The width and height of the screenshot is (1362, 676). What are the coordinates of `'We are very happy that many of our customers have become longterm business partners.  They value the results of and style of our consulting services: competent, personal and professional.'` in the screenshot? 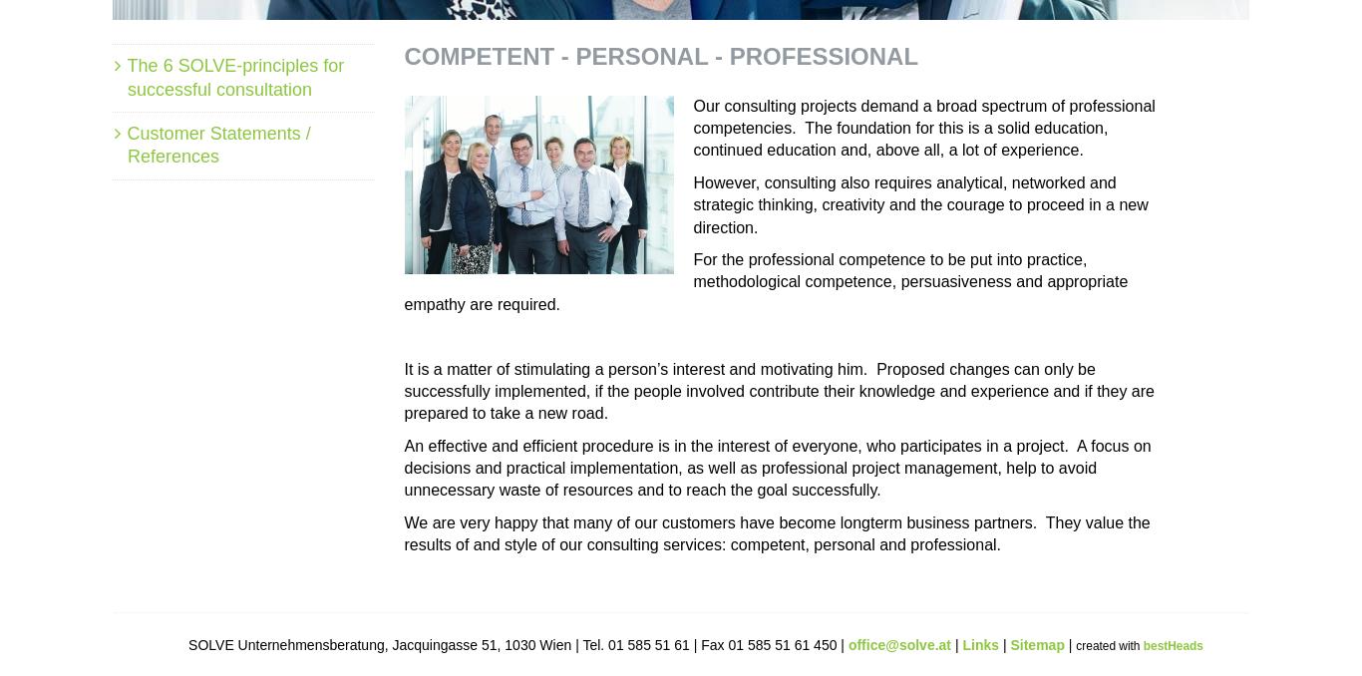 It's located at (777, 533).